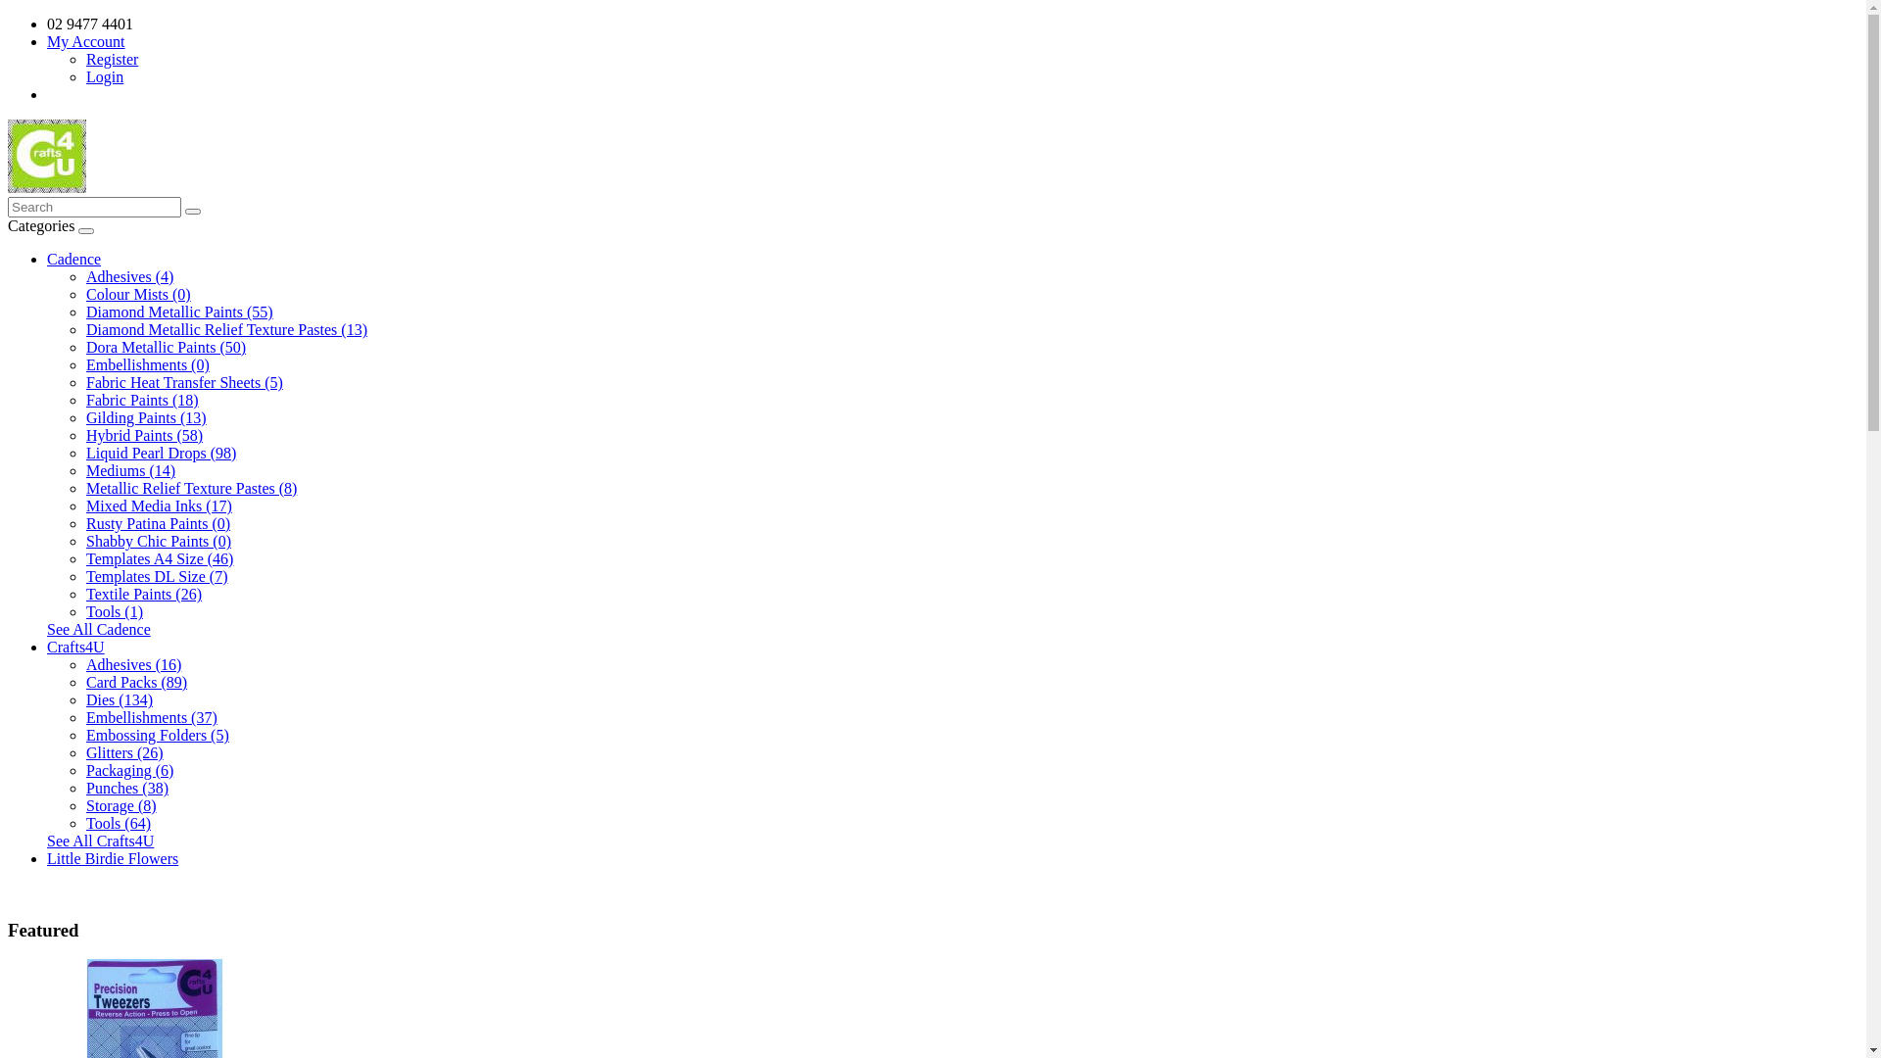  Describe the element at coordinates (99, 840) in the screenshot. I see `'See All Crafts4U'` at that location.